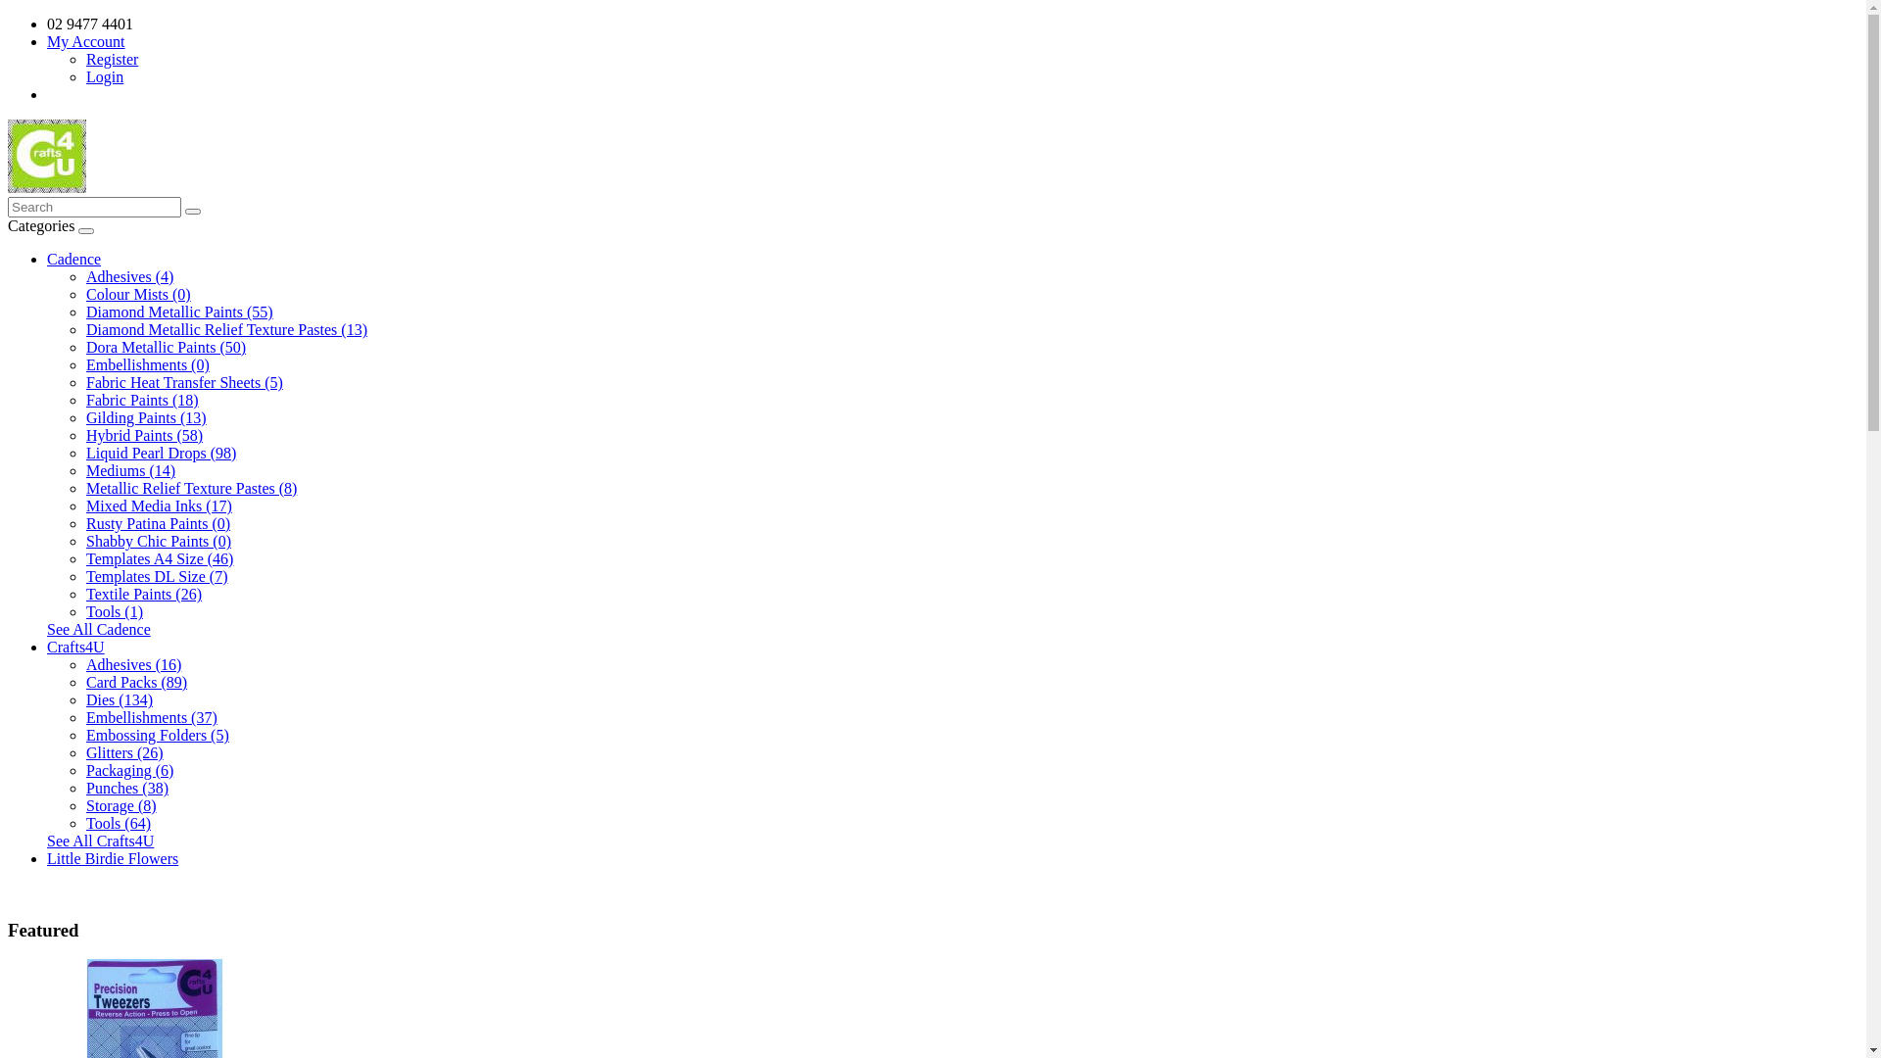  Describe the element at coordinates (99, 840) in the screenshot. I see `'See All Crafts4U'` at that location.